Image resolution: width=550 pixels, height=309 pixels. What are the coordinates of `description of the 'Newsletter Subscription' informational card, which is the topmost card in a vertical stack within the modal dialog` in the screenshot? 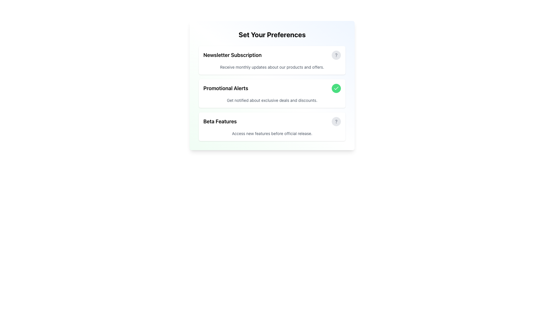 It's located at (272, 60).